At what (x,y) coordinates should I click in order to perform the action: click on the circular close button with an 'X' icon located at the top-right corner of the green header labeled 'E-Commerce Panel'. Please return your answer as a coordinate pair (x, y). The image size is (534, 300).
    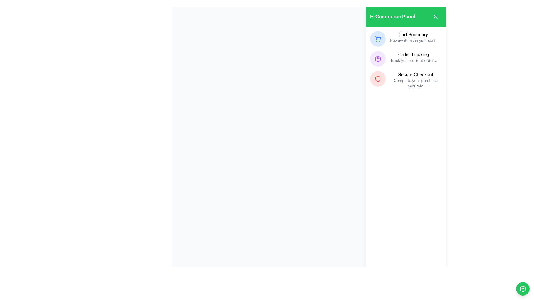
    Looking at the image, I should click on (435, 16).